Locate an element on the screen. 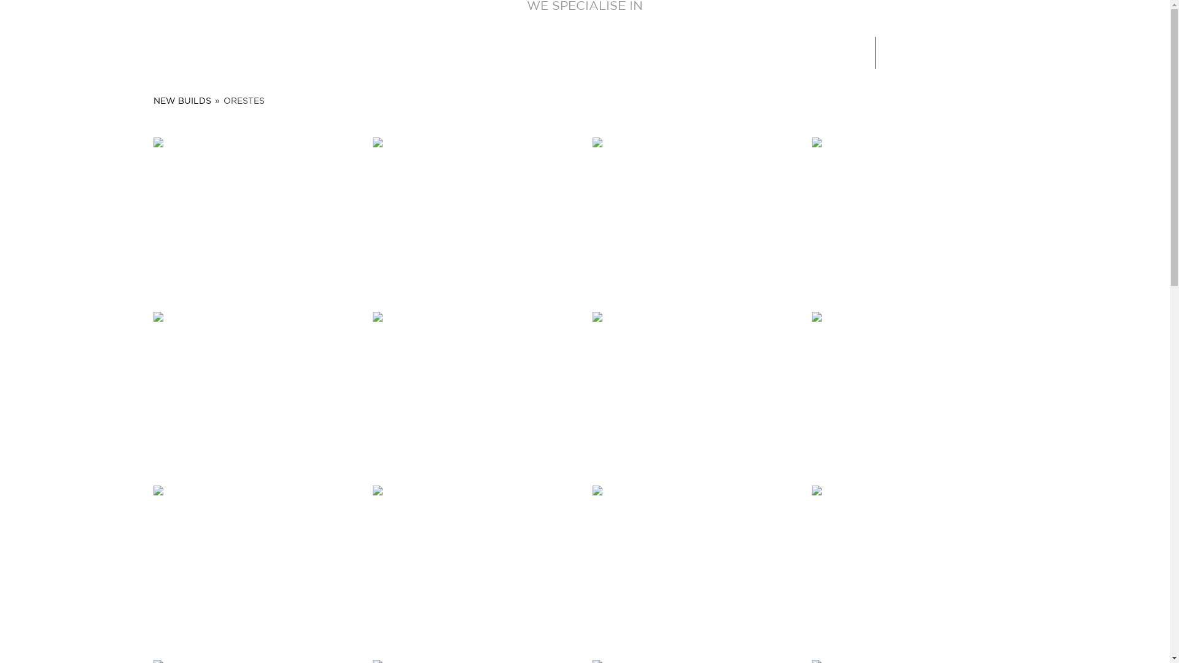 Image resolution: width=1179 pixels, height=663 pixels. 'Orestes' is located at coordinates (474, 391).